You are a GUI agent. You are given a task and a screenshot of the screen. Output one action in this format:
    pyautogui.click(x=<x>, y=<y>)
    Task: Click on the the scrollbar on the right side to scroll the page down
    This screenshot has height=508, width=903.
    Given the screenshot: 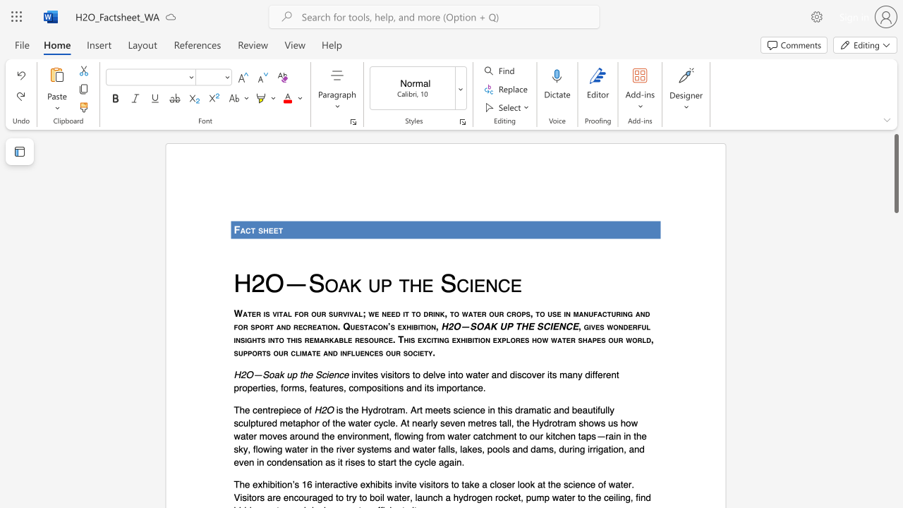 What is the action you would take?
    pyautogui.click(x=895, y=295)
    